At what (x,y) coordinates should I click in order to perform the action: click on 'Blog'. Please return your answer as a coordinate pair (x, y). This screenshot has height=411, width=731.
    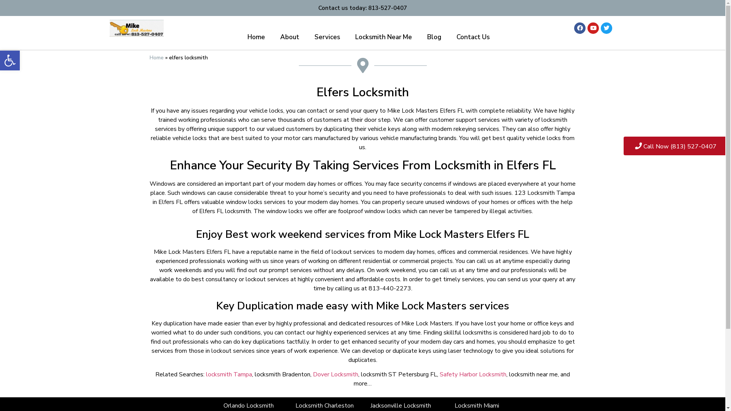
    Looking at the image, I should click on (419, 37).